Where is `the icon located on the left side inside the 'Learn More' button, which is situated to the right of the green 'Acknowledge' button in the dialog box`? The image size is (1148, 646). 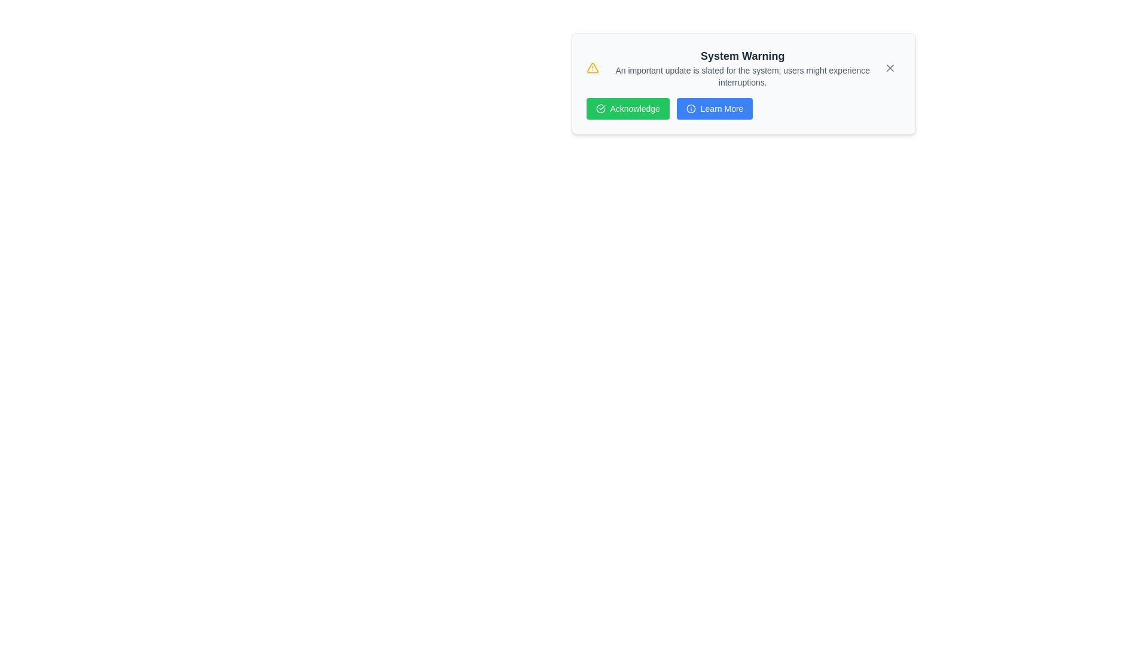
the icon located on the left side inside the 'Learn More' button, which is situated to the right of the green 'Acknowledge' button in the dialog box is located at coordinates (691, 108).